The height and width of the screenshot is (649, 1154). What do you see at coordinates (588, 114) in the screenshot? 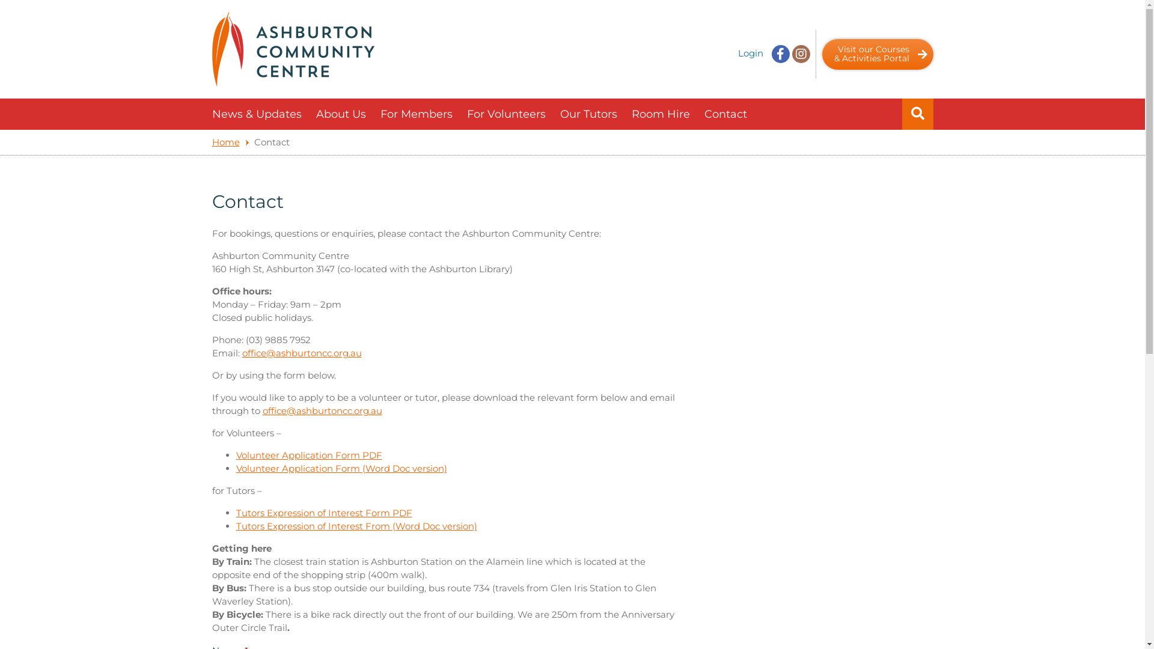
I see `'Our Tutors'` at bounding box center [588, 114].